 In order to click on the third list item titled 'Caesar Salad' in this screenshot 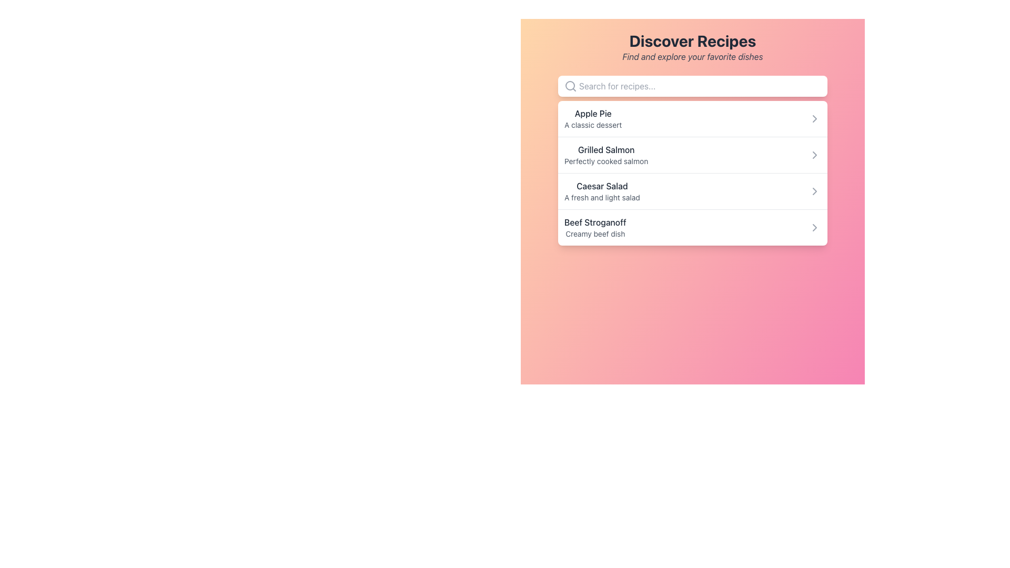, I will do `click(692, 191)`.